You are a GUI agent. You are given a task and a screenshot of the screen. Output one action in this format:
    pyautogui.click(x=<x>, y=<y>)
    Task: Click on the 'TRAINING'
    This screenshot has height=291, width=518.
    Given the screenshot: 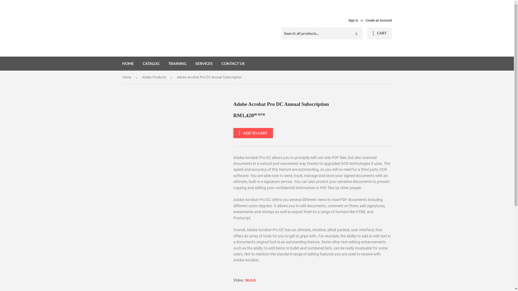 What is the action you would take?
    pyautogui.click(x=177, y=63)
    